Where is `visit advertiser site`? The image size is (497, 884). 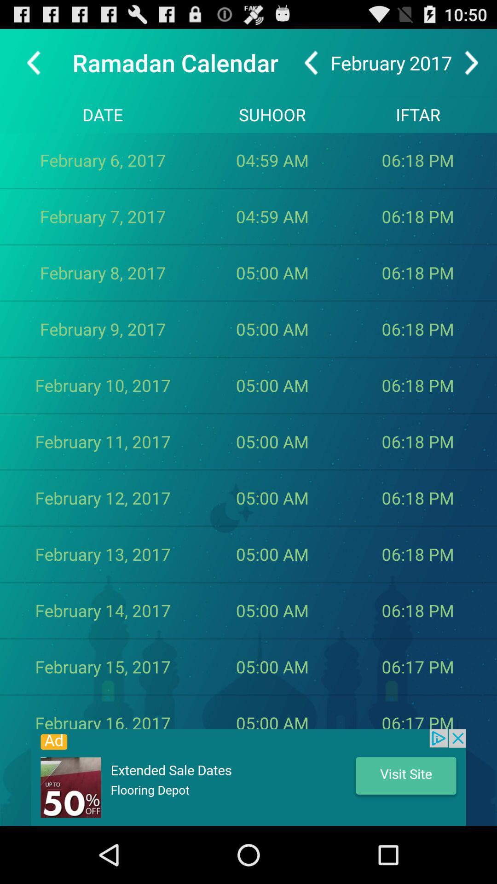 visit advertiser site is located at coordinates (248, 777).